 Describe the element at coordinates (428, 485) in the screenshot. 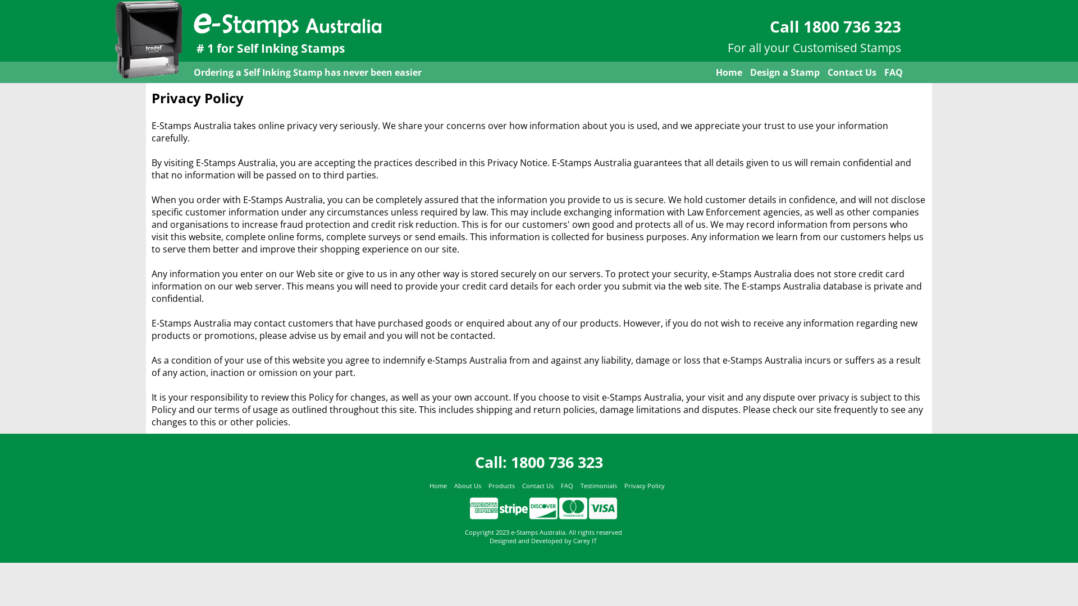

I see `'Home'` at that location.